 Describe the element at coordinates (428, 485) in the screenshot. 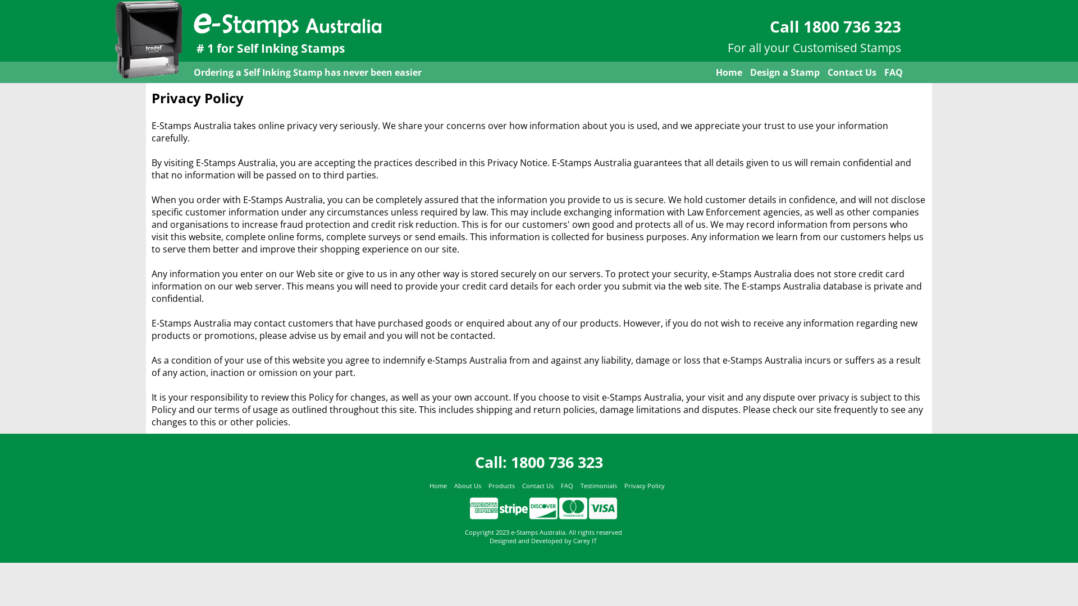

I see `'Home'` at that location.